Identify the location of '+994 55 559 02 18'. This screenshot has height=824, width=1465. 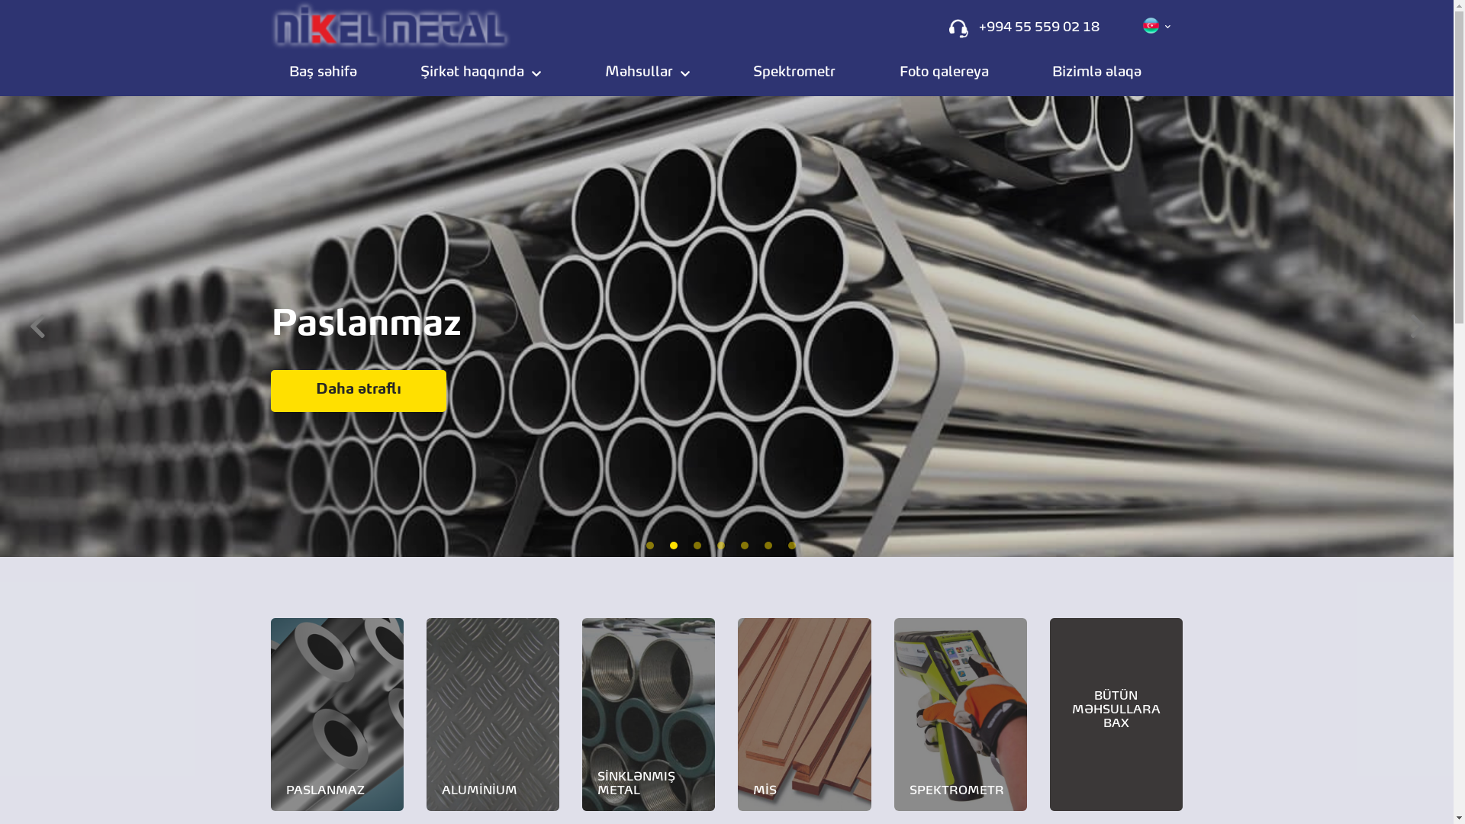
(1038, 28).